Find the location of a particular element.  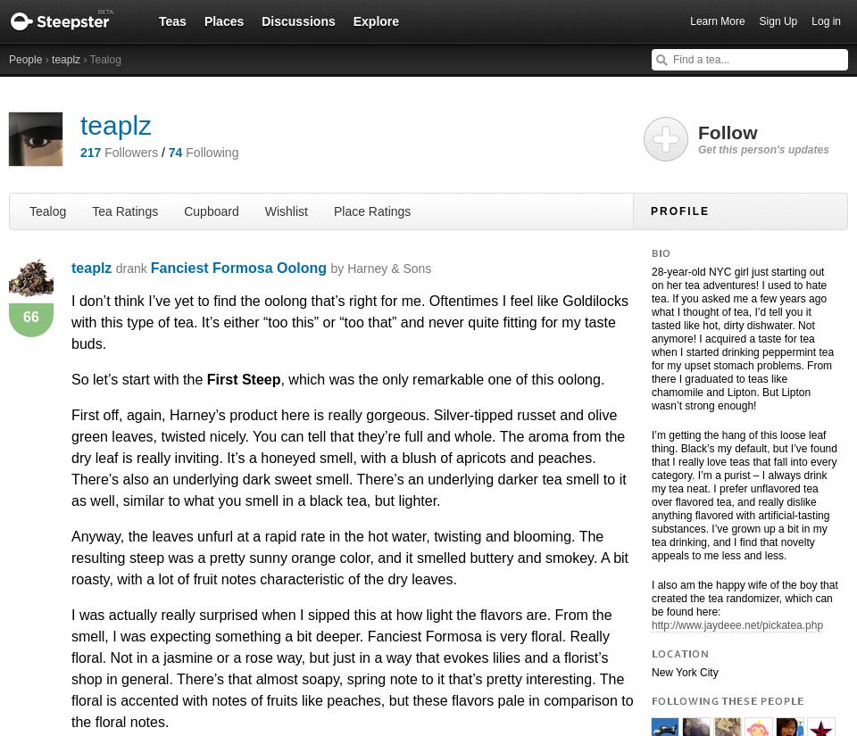

'http://www.jaydeee.net/pickatea.php' is located at coordinates (736, 624).